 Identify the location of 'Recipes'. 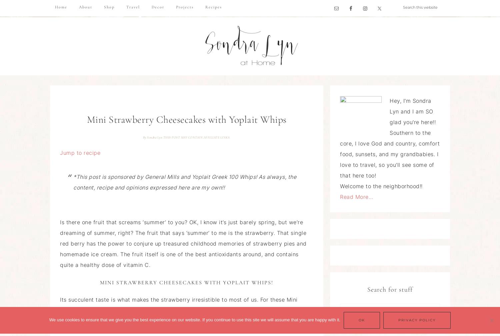
(213, 7).